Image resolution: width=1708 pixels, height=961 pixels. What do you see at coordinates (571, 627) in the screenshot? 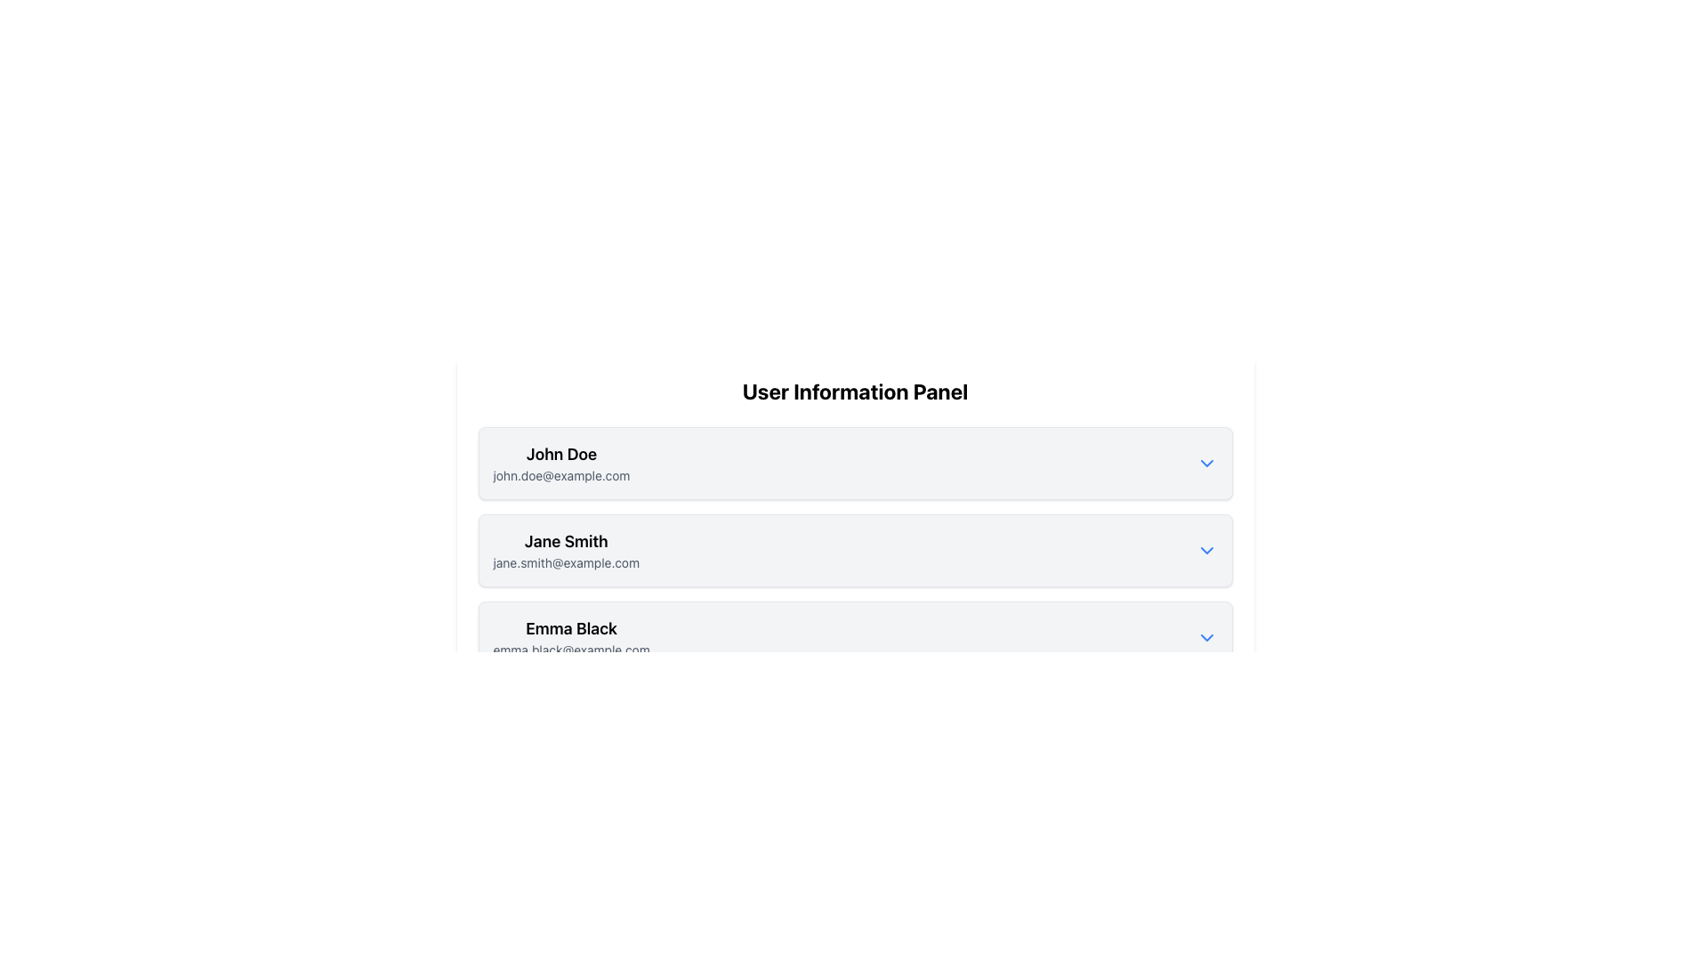
I see `the Label/Text that displays the user's name, positioned above the email address 'emma.black@example.com' and after entries for 'John Doe' and 'Jane Smith'` at bounding box center [571, 627].